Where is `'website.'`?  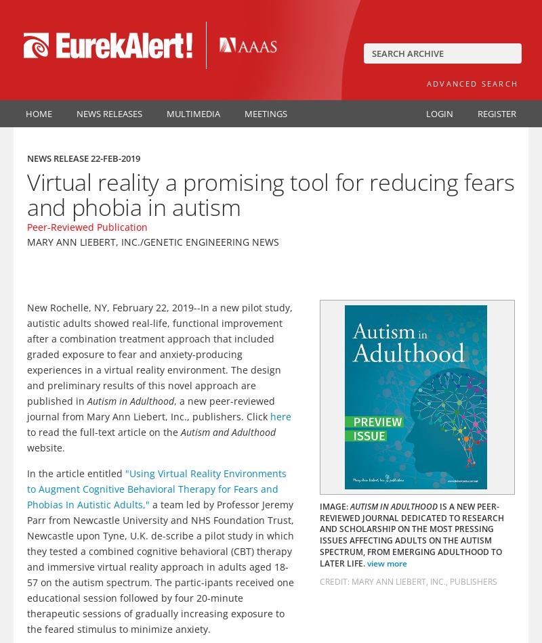
'website.' is located at coordinates (46, 447).